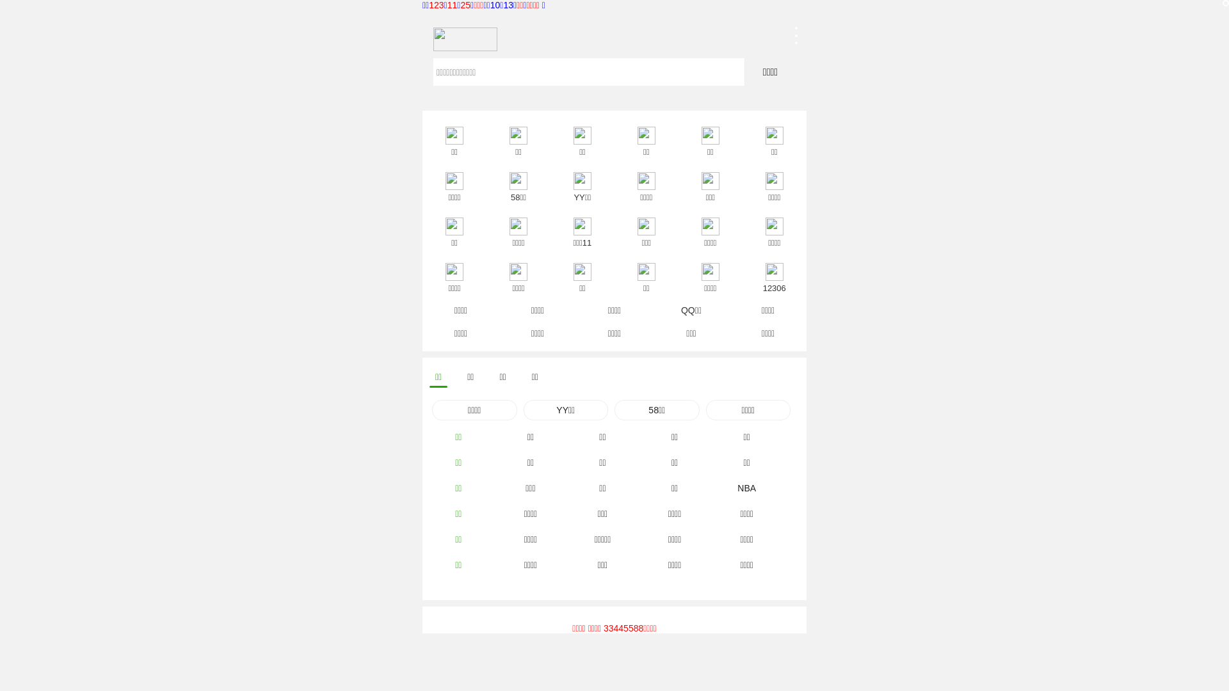 This screenshot has height=691, width=1229. I want to click on '12306', so click(743, 269).